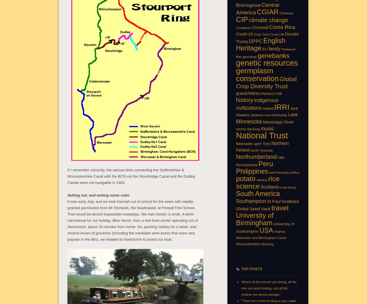  What do you see at coordinates (266, 230) in the screenshot?
I see `'USA'` at bounding box center [266, 230].